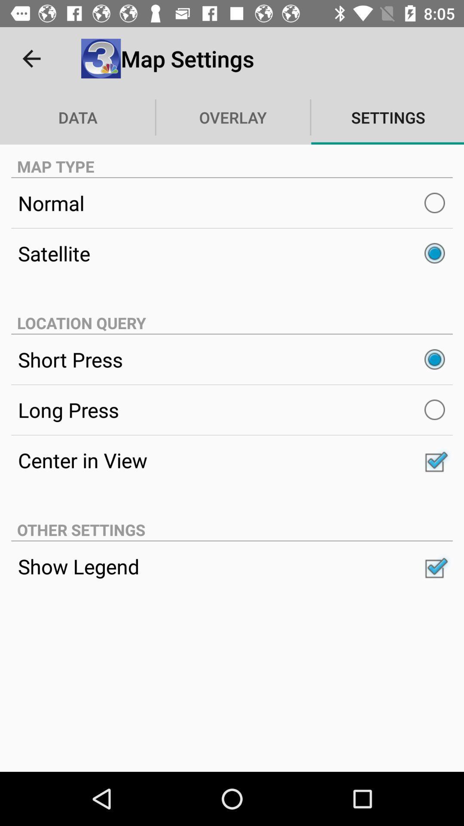 The height and width of the screenshot is (826, 464). Describe the element at coordinates (232, 459) in the screenshot. I see `center in view item` at that location.